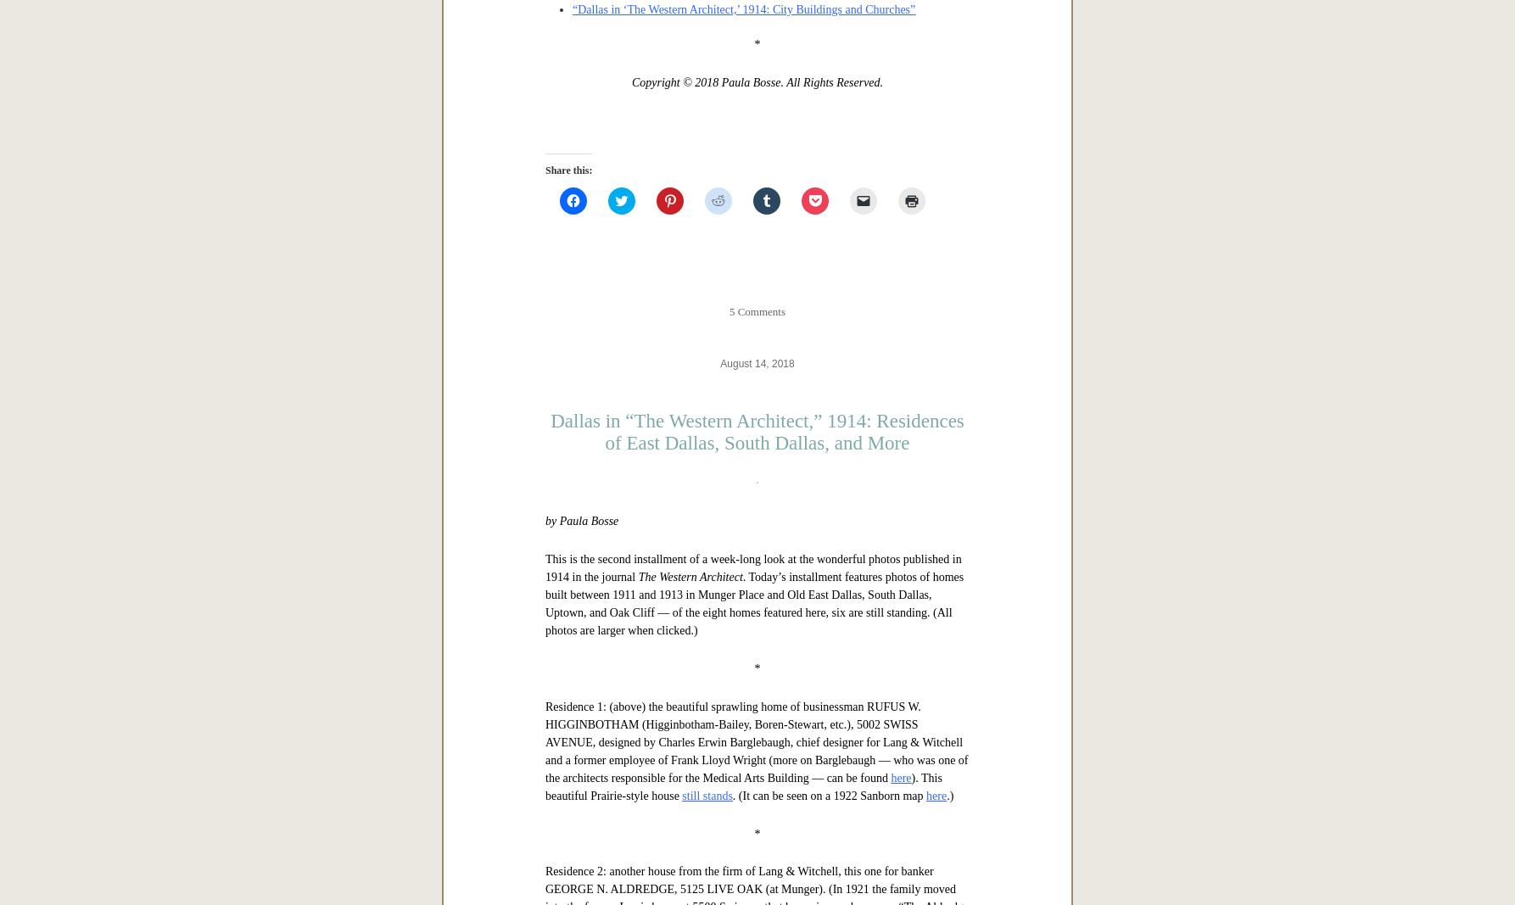 This screenshot has width=1515, height=905. I want to click on 'here', so click(555, 298).